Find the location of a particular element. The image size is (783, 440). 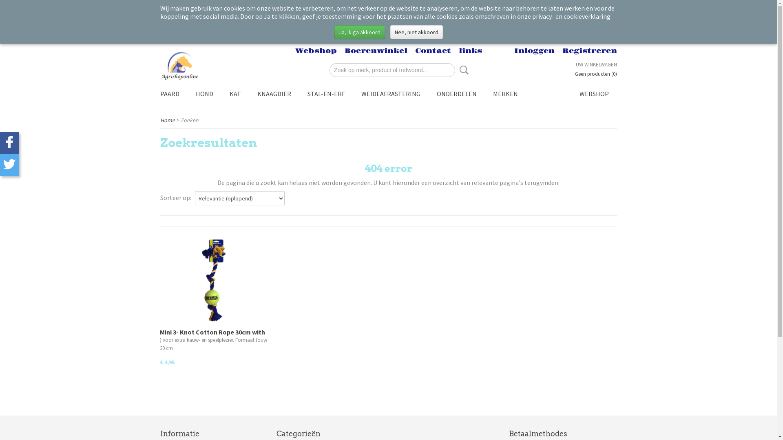

'Zoeken' is located at coordinates (462, 70).